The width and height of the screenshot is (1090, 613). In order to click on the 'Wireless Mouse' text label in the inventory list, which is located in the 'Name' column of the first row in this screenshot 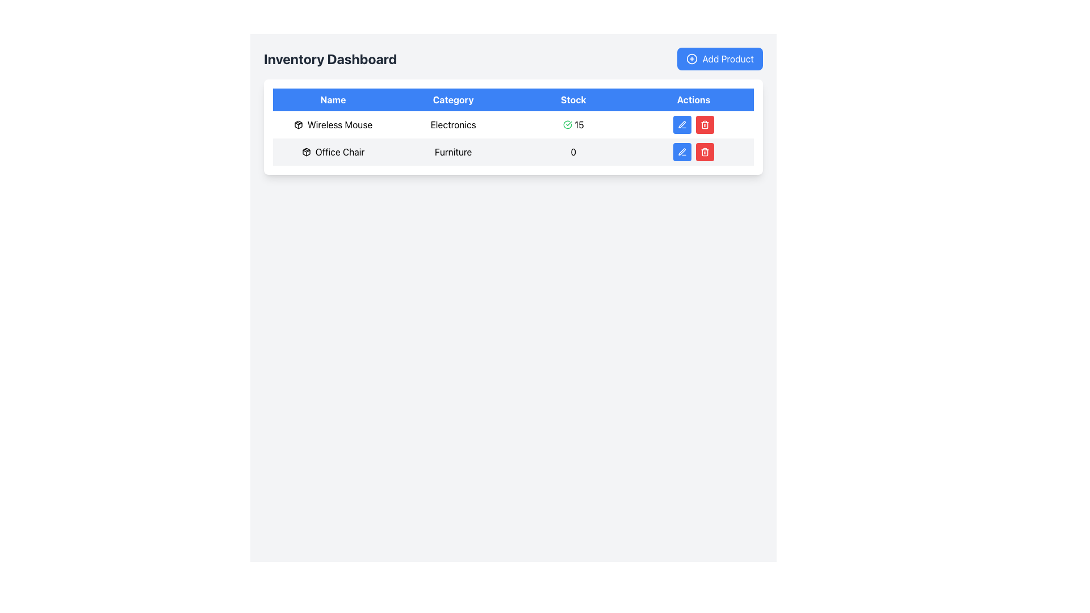, I will do `click(339, 124)`.